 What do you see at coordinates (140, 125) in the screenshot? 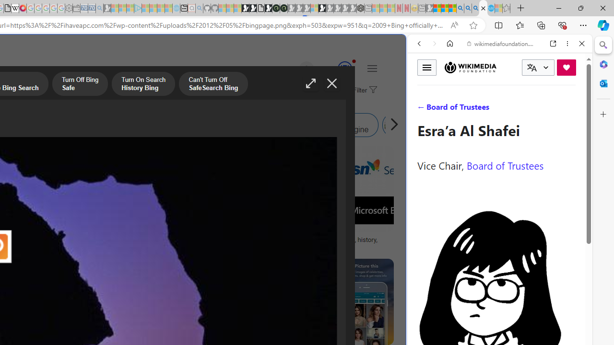
I see `'Bing Image Search Similar Images'` at bounding box center [140, 125].